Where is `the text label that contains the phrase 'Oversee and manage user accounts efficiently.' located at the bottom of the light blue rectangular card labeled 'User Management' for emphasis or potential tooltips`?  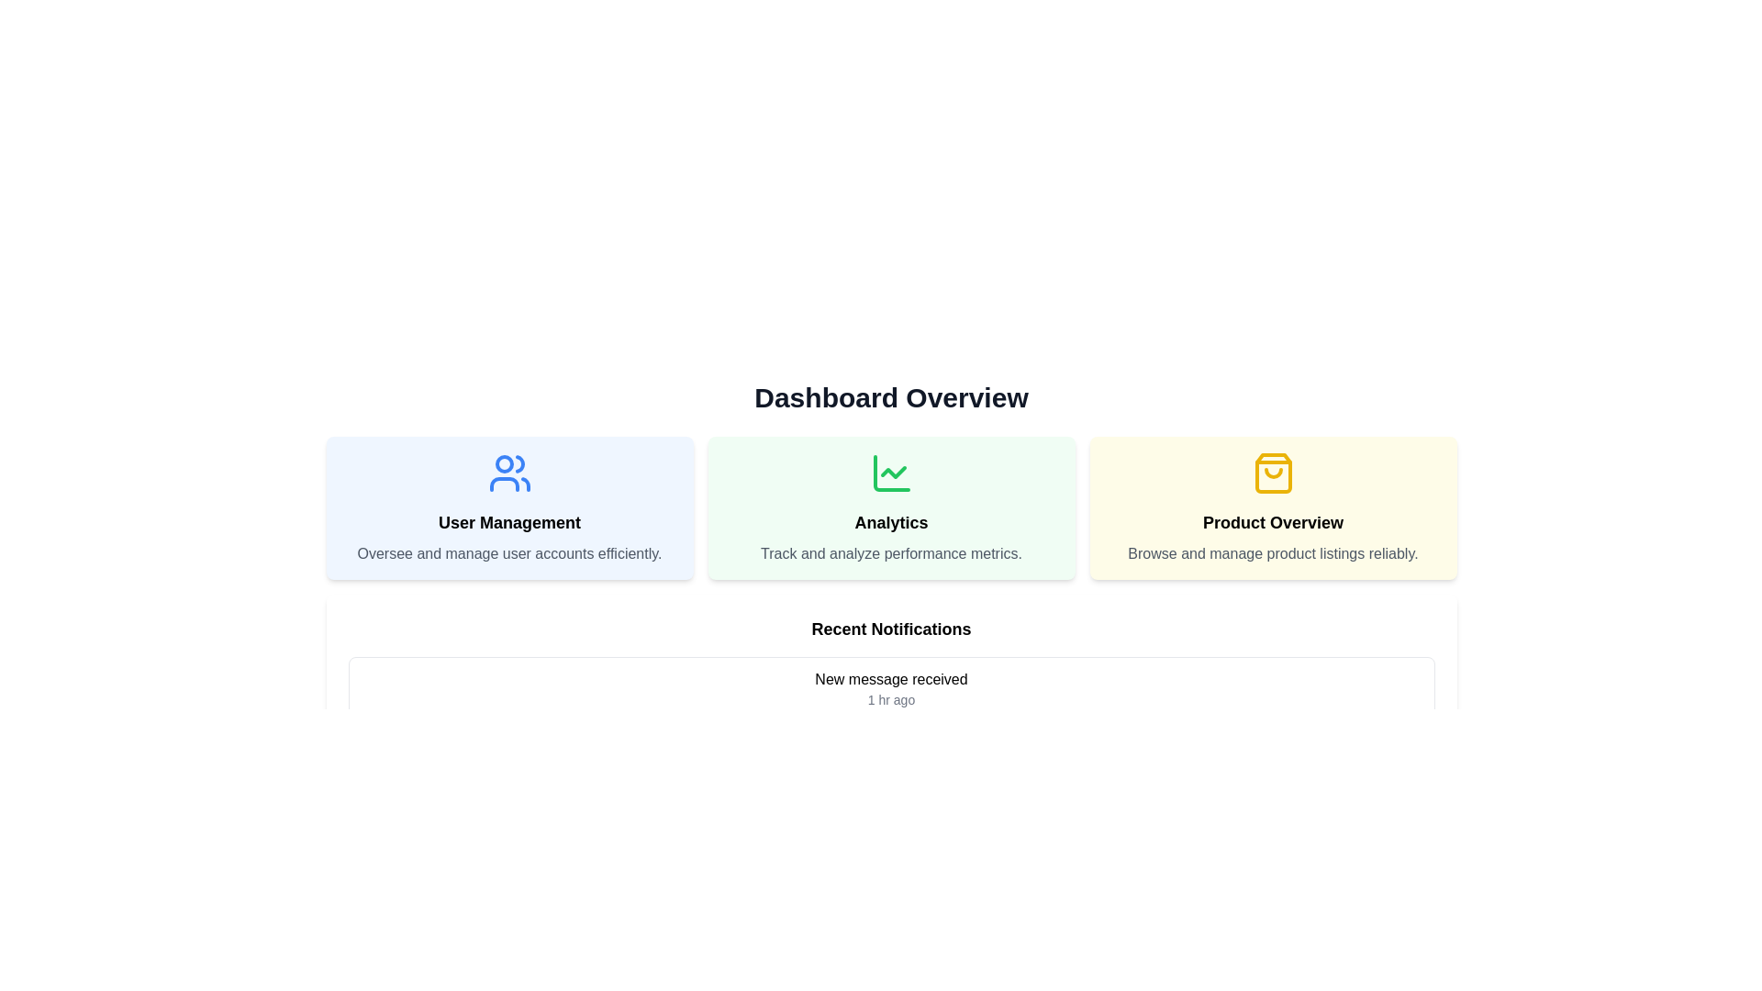 the text label that contains the phrase 'Oversee and manage user accounts efficiently.' located at the bottom of the light blue rectangular card labeled 'User Management' for emphasis or potential tooltips is located at coordinates (509, 553).